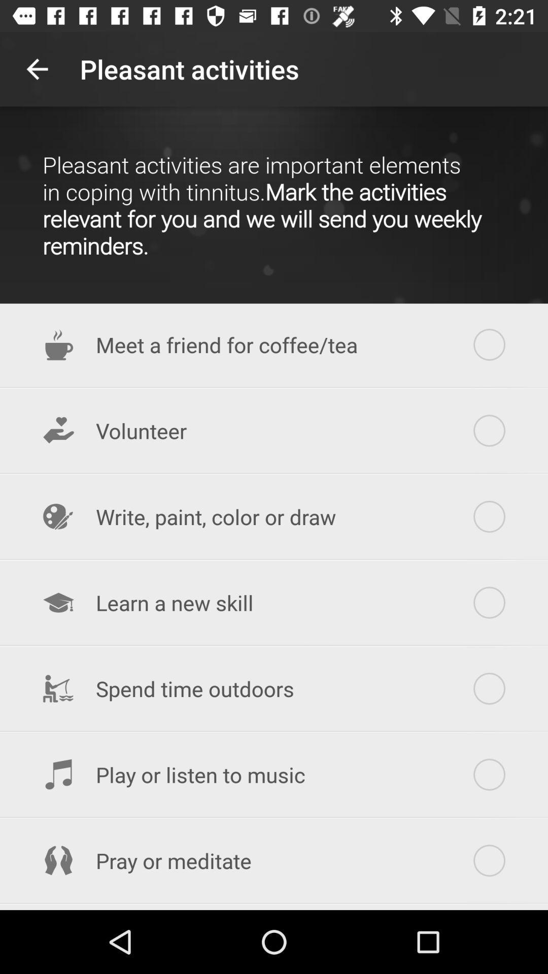 The width and height of the screenshot is (548, 974). What do you see at coordinates (274, 431) in the screenshot?
I see `the icon below meet a friend` at bounding box center [274, 431].